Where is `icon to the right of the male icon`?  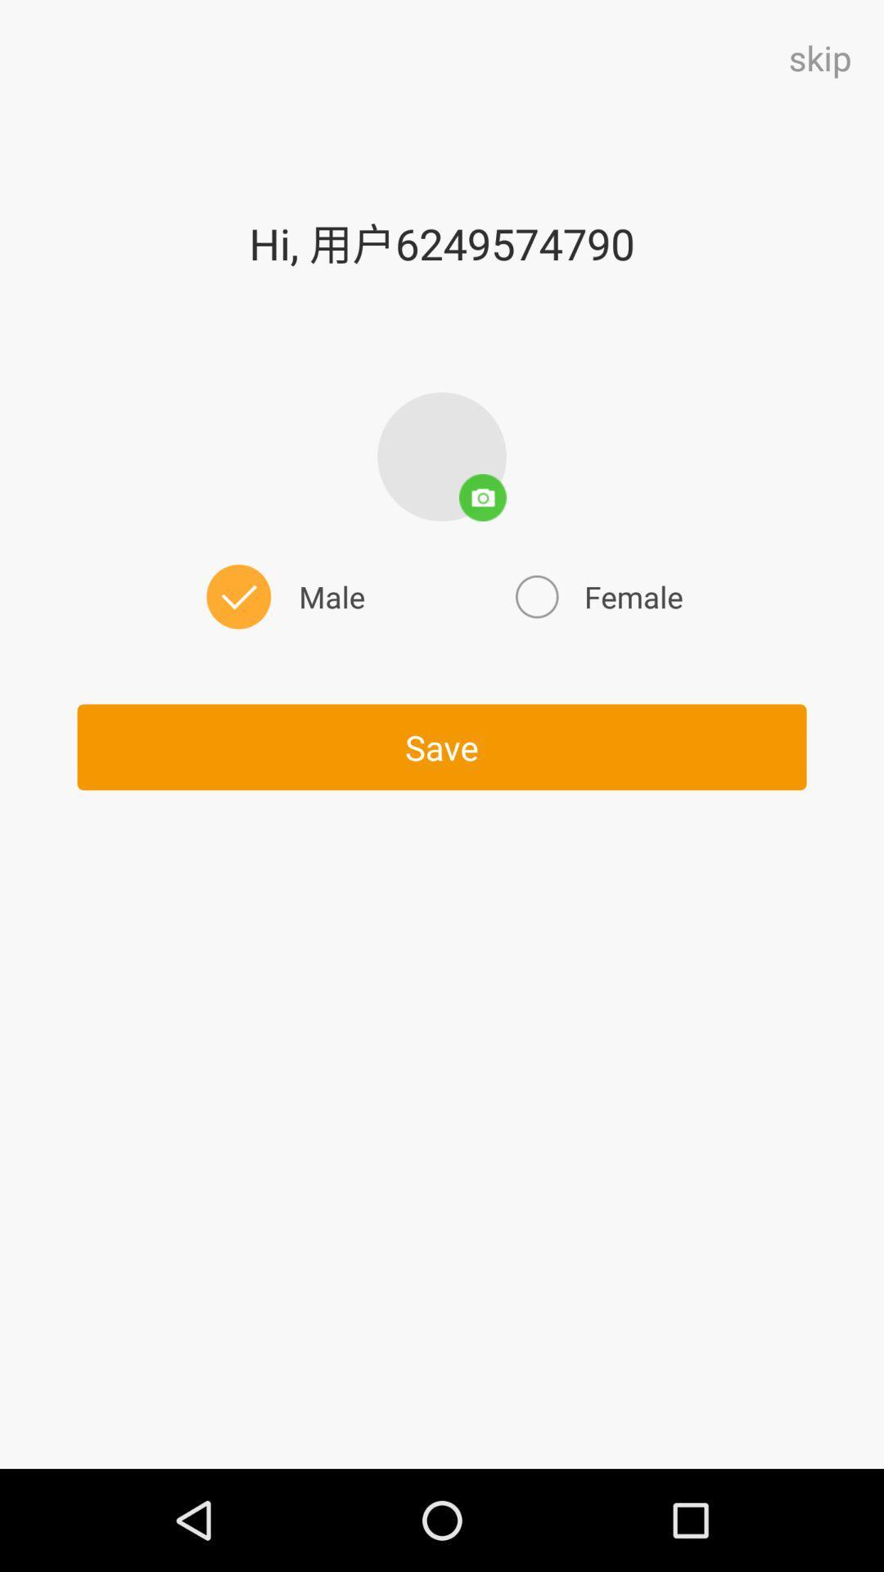 icon to the right of the male icon is located at coordinates (597, 596).